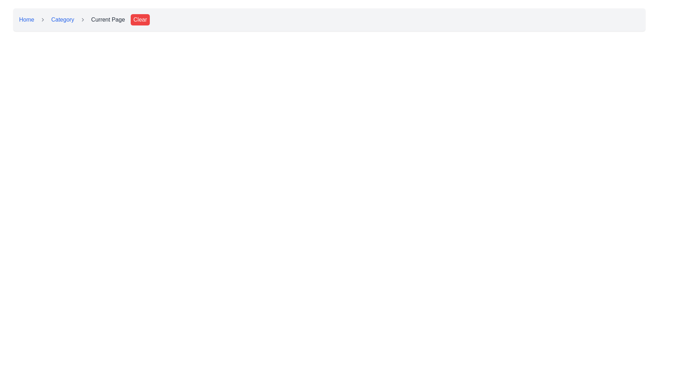  What do you see at coordinates (83, 19) in the screenshot?
I see `the chevron icon that indicates the transition between 'Category' and 'Current Page' in the breadcrumb navigation` at bounding box center [83, 19].